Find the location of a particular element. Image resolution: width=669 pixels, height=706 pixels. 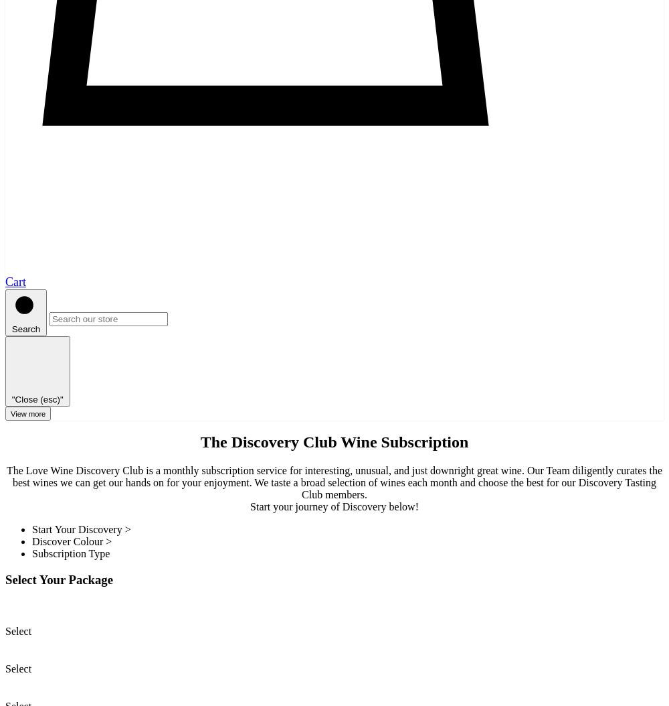

'"Close (esc)"' is located at coordinates (37, 398).